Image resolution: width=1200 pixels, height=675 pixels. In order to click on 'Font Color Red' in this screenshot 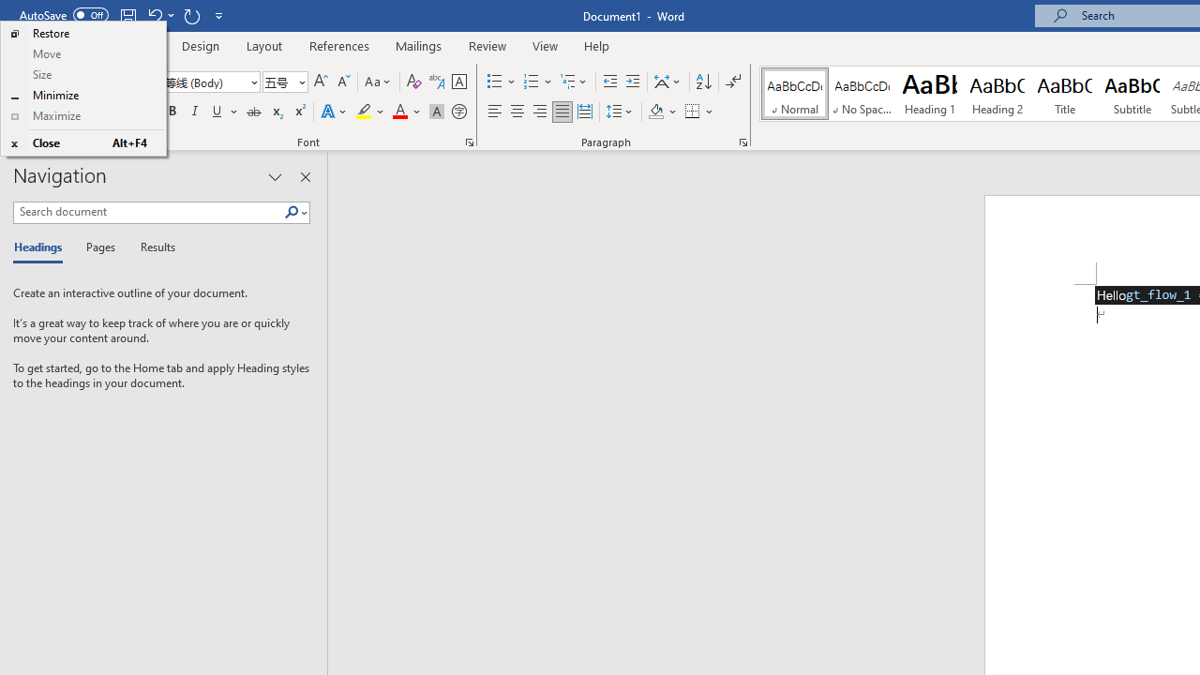, I will do `click(398, 112)`.